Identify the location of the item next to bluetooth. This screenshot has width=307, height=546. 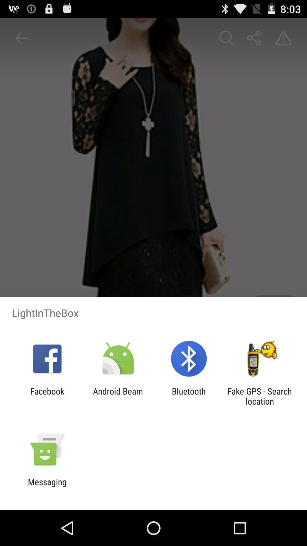
(118, 396).